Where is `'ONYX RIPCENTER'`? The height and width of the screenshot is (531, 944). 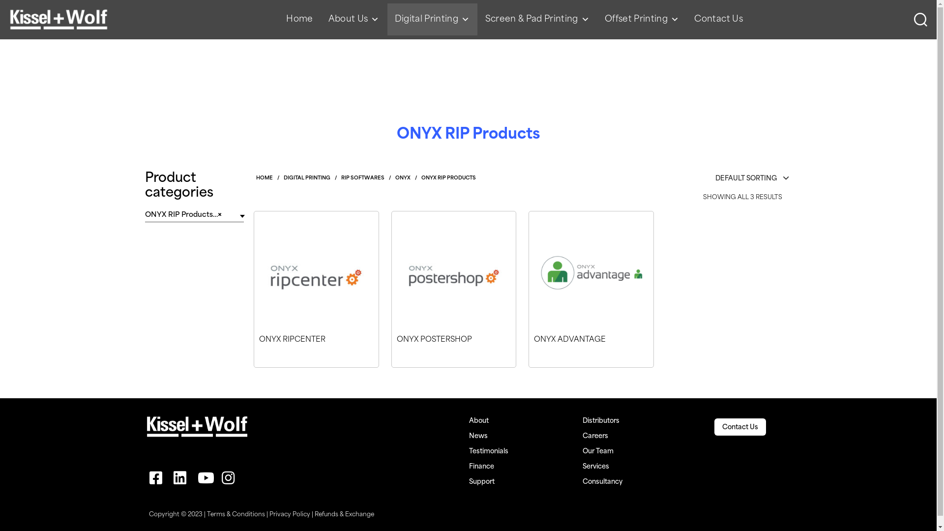
'ONYX RIPCENTER' is located at coordinates (254, 351).